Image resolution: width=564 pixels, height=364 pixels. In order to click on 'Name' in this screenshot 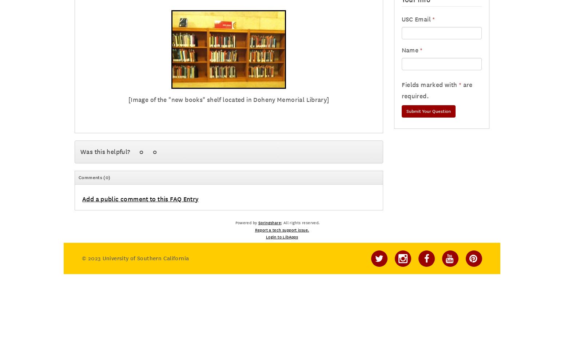, I will do `click(409, 50)`.